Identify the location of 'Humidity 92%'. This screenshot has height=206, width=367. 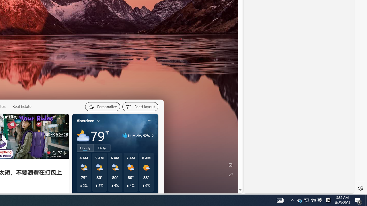
(152, 136).